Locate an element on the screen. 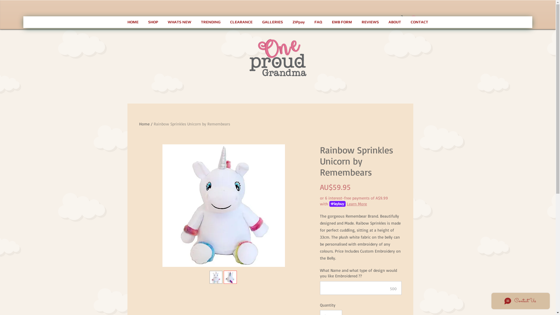  'ZIPpay' is located at coordinates (298, 22).